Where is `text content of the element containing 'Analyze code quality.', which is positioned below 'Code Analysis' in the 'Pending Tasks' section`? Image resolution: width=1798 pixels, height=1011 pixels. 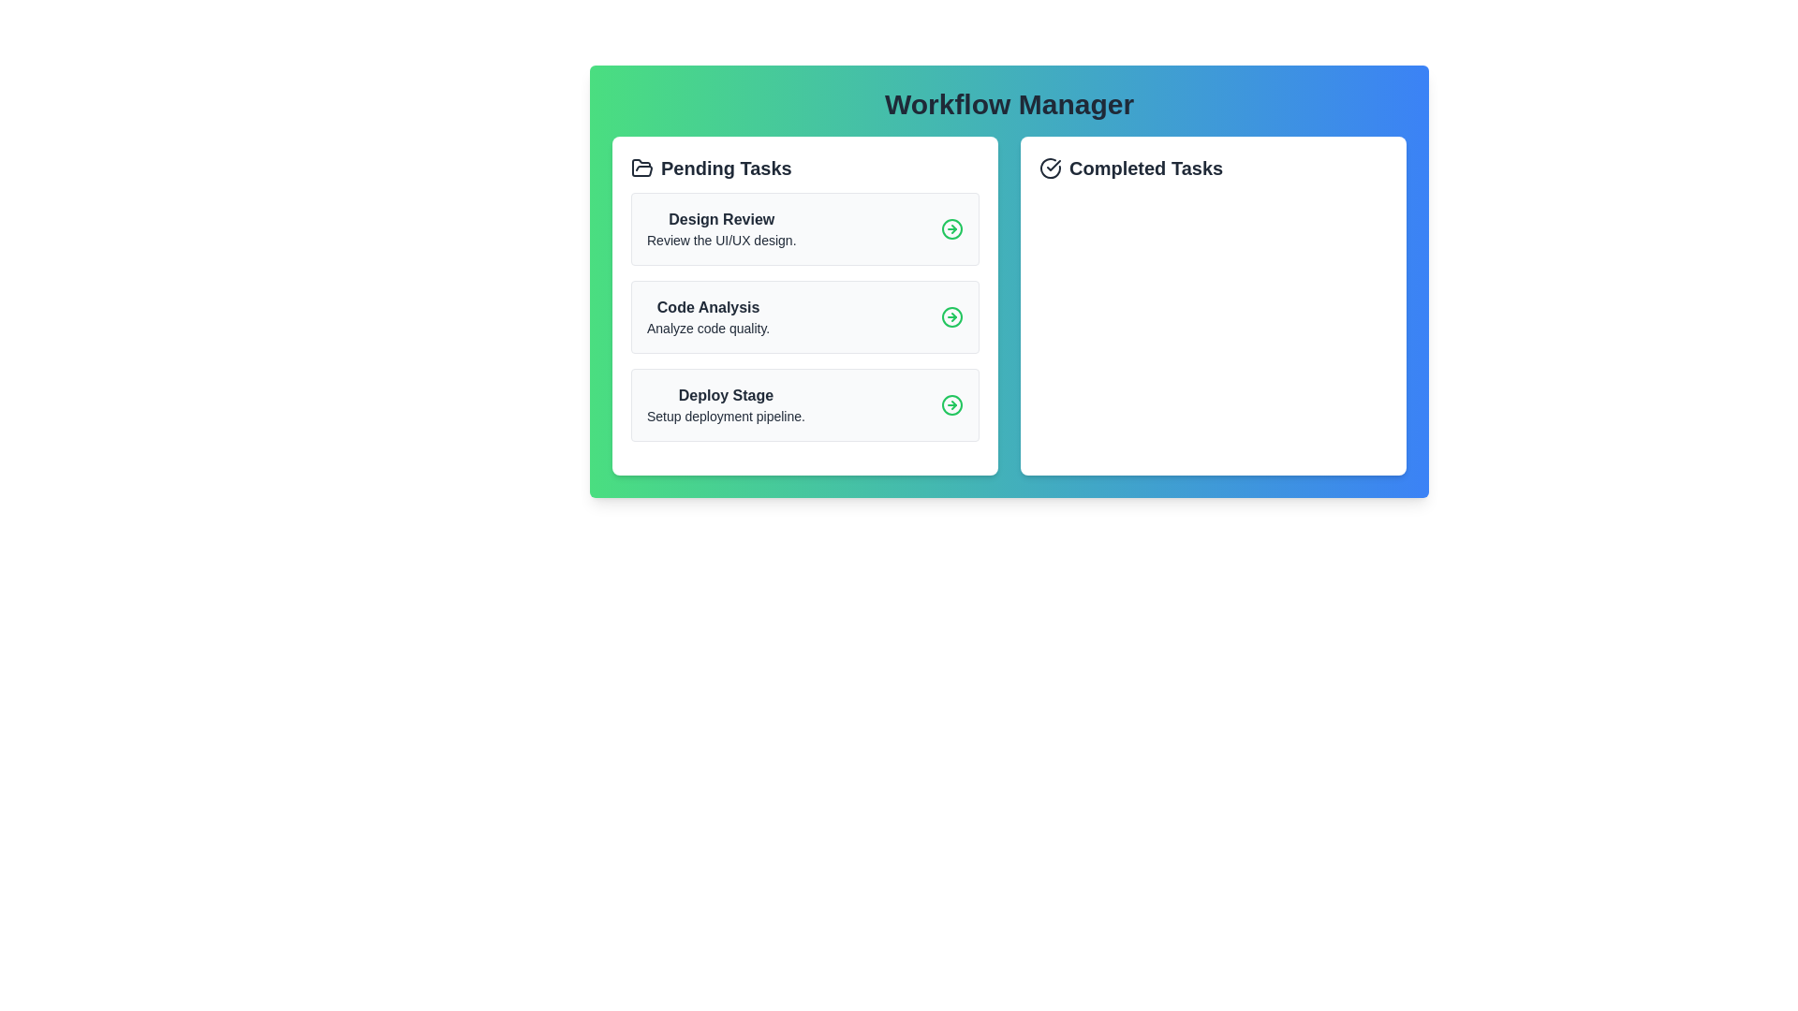 text content of the element containing 'Analyze code quality.', which is positioned below 'Code Analysis' in the 'Pending Tasks' section is located at coordinates (707, 328).